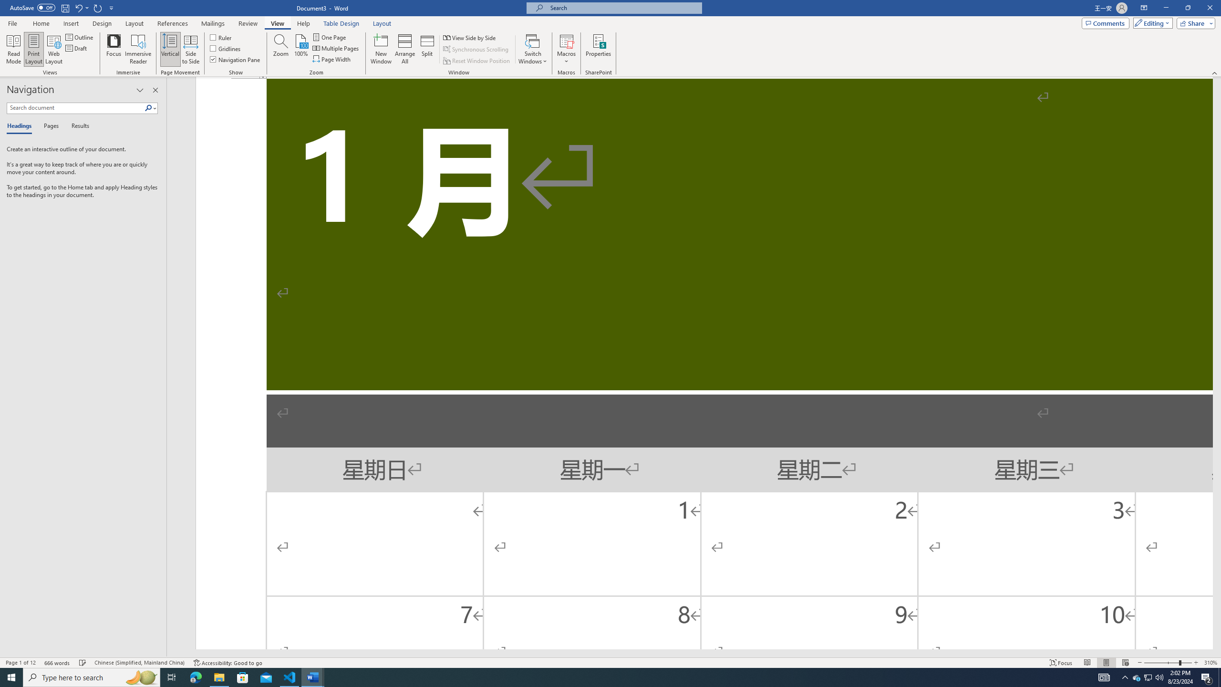 Image resolution: width=1221 pixels, height=687 pixels. I want to click on 'Headings', so click(21, 126).